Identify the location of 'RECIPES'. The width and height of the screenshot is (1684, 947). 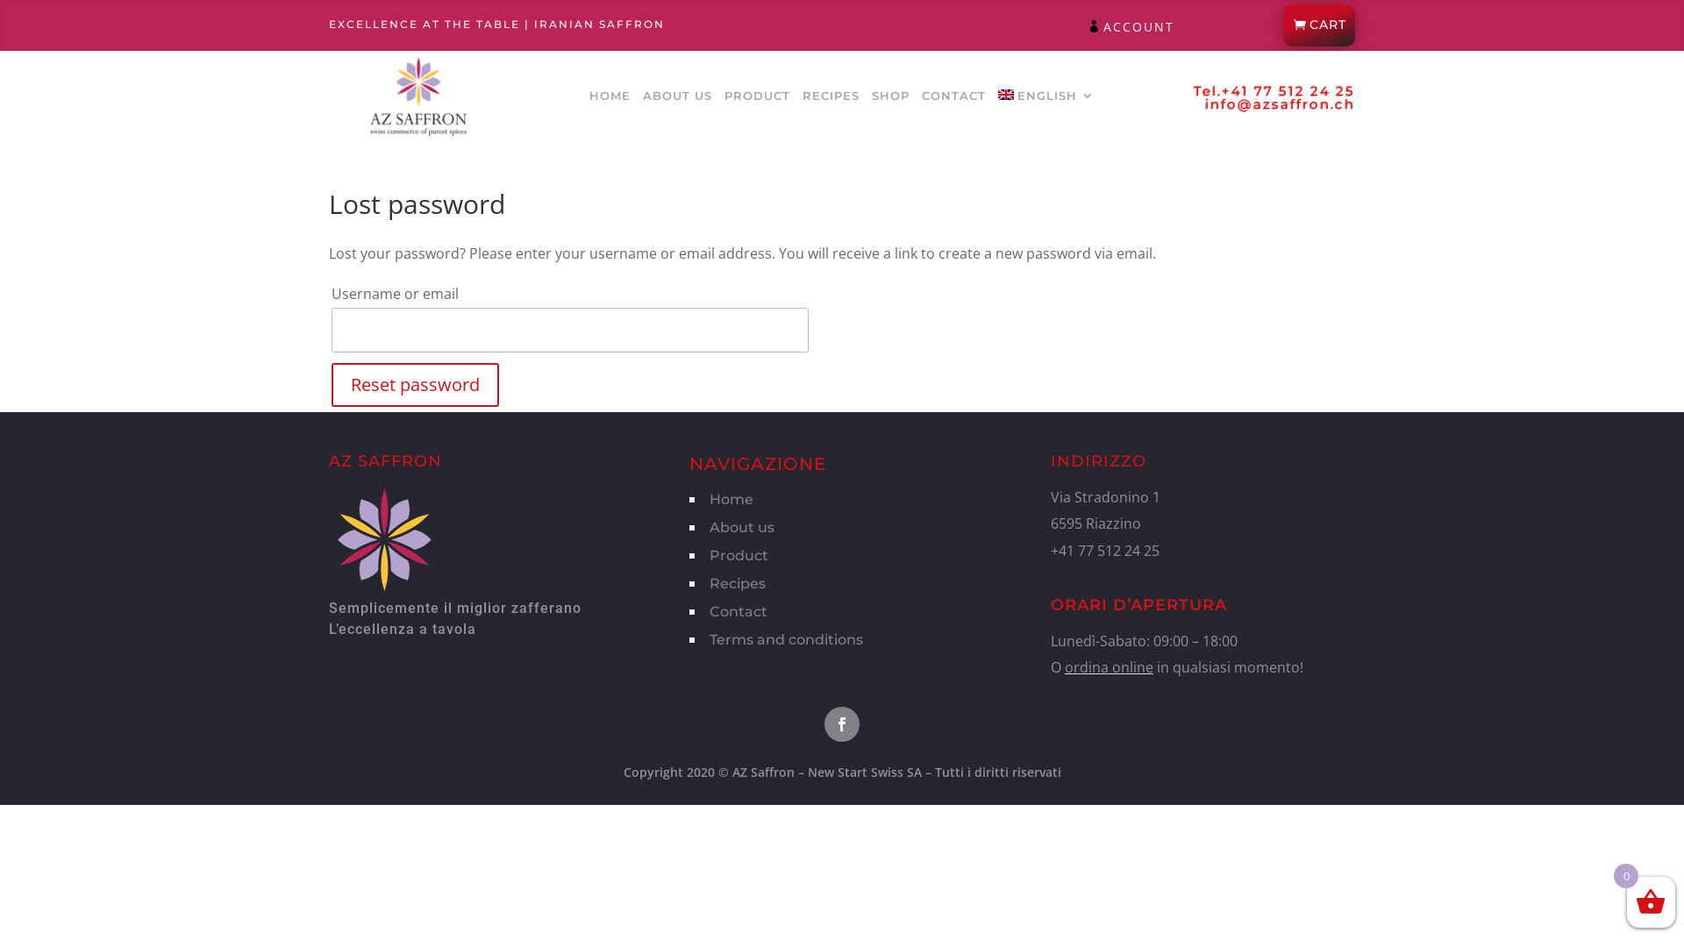
(830, 98).